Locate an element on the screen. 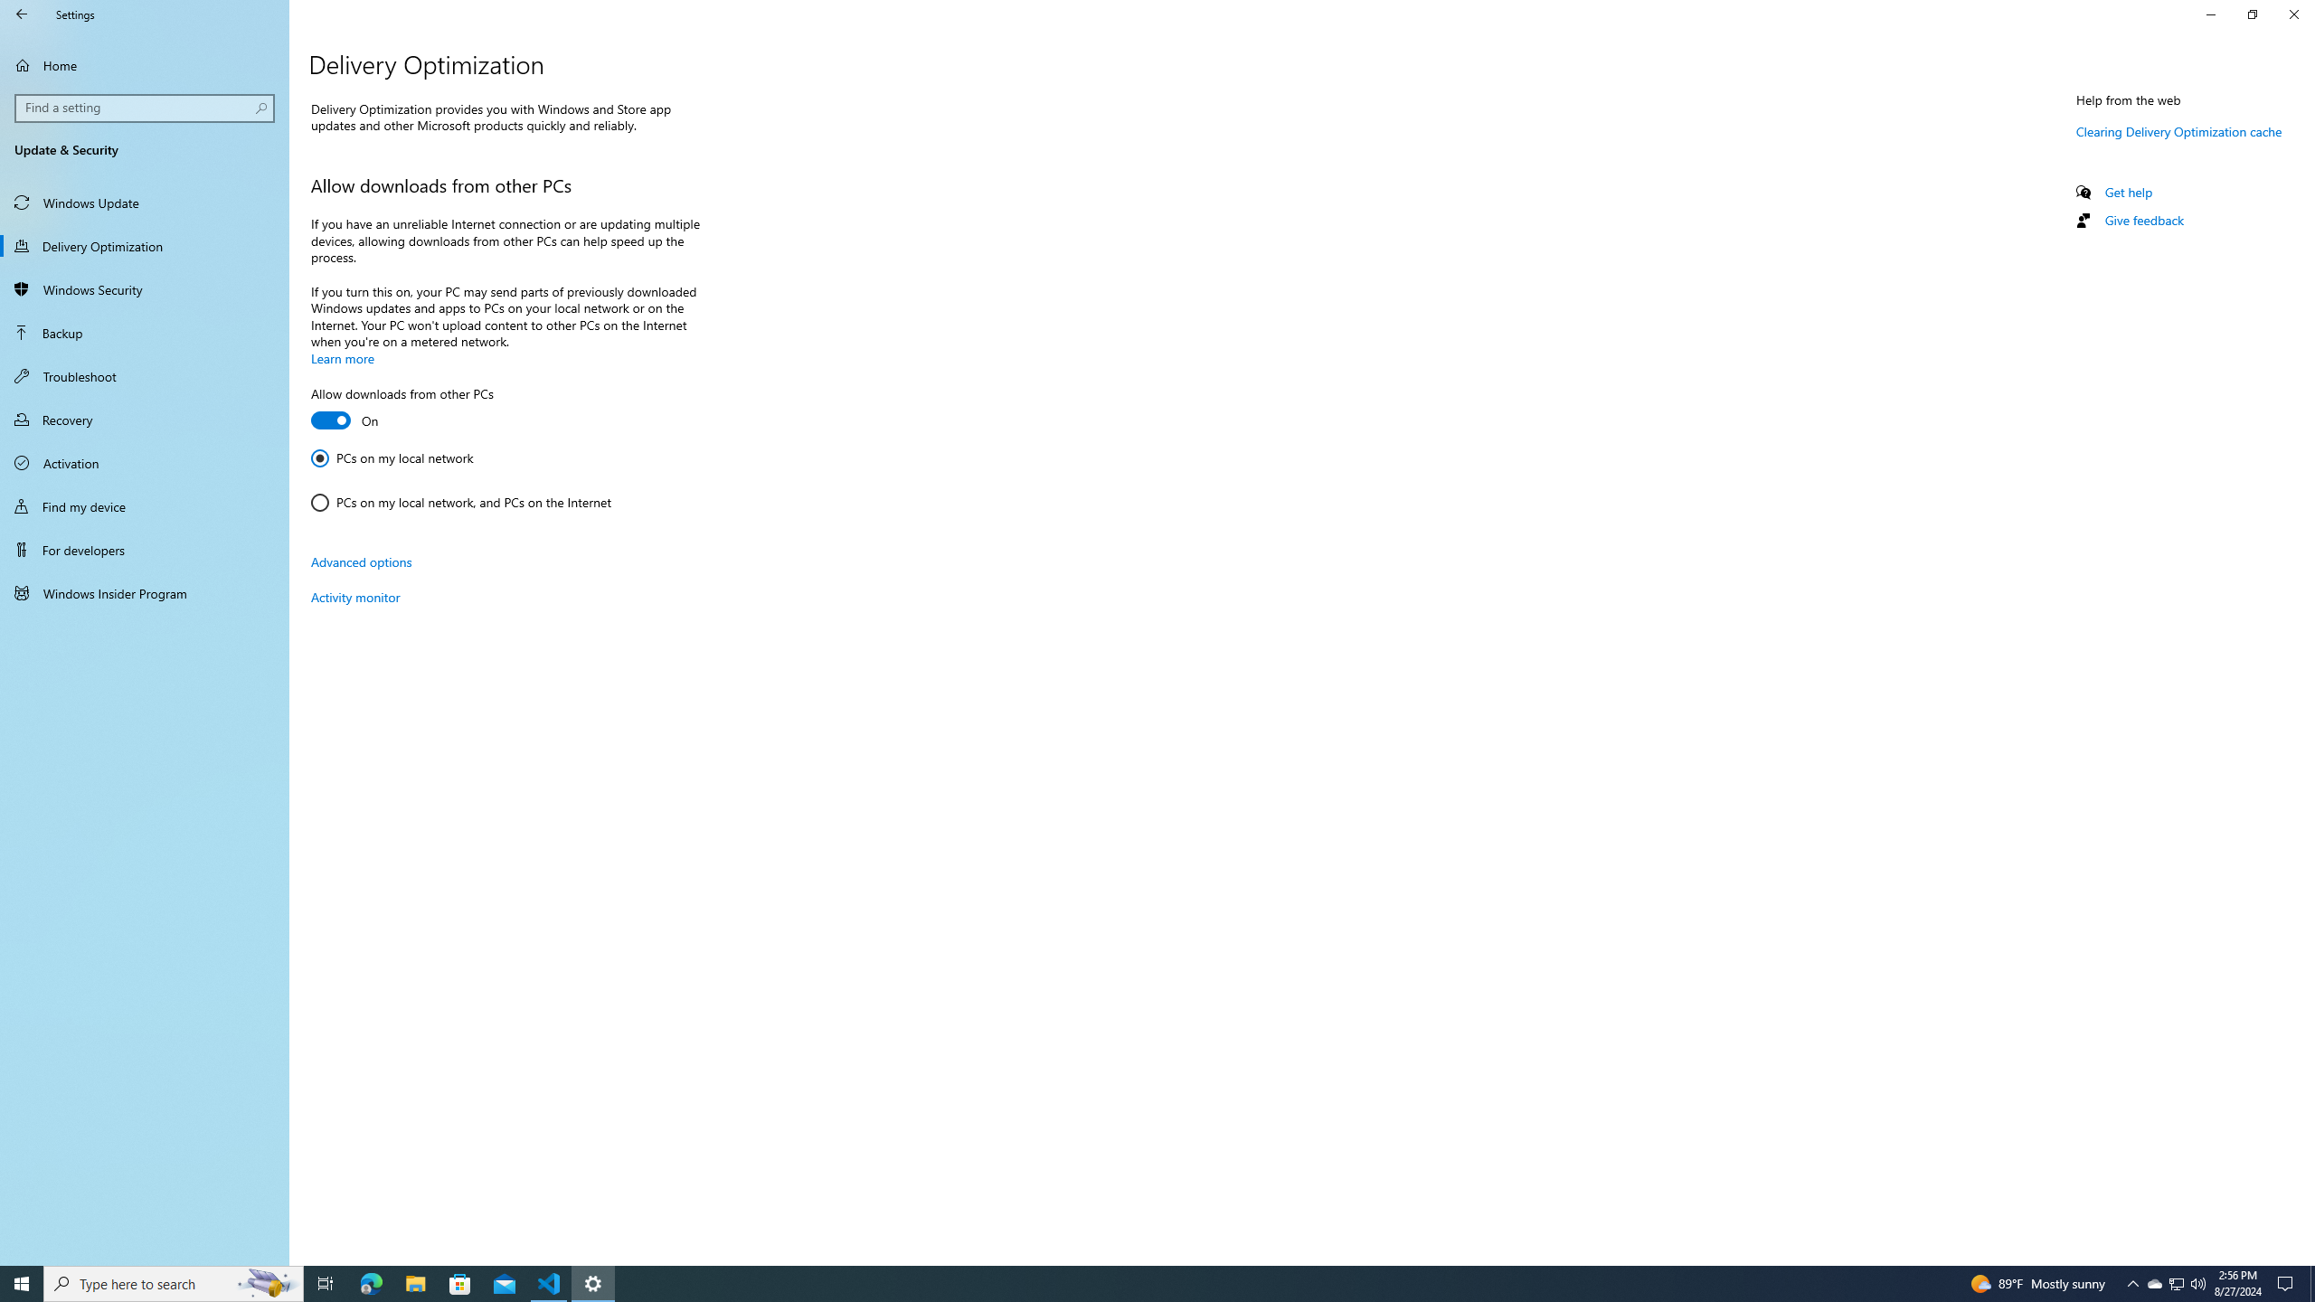 The image size is (2315, 1302). 'Visual Studio Code - 1 running window' is located at coordinates (549, 1282).